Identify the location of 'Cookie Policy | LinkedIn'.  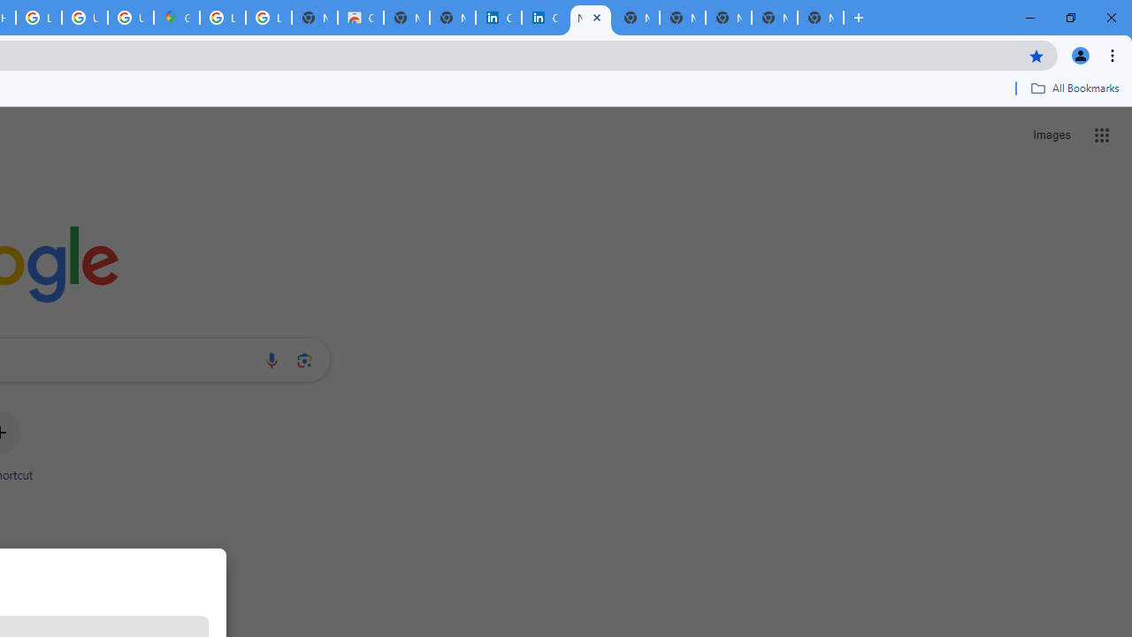
(544, 18).